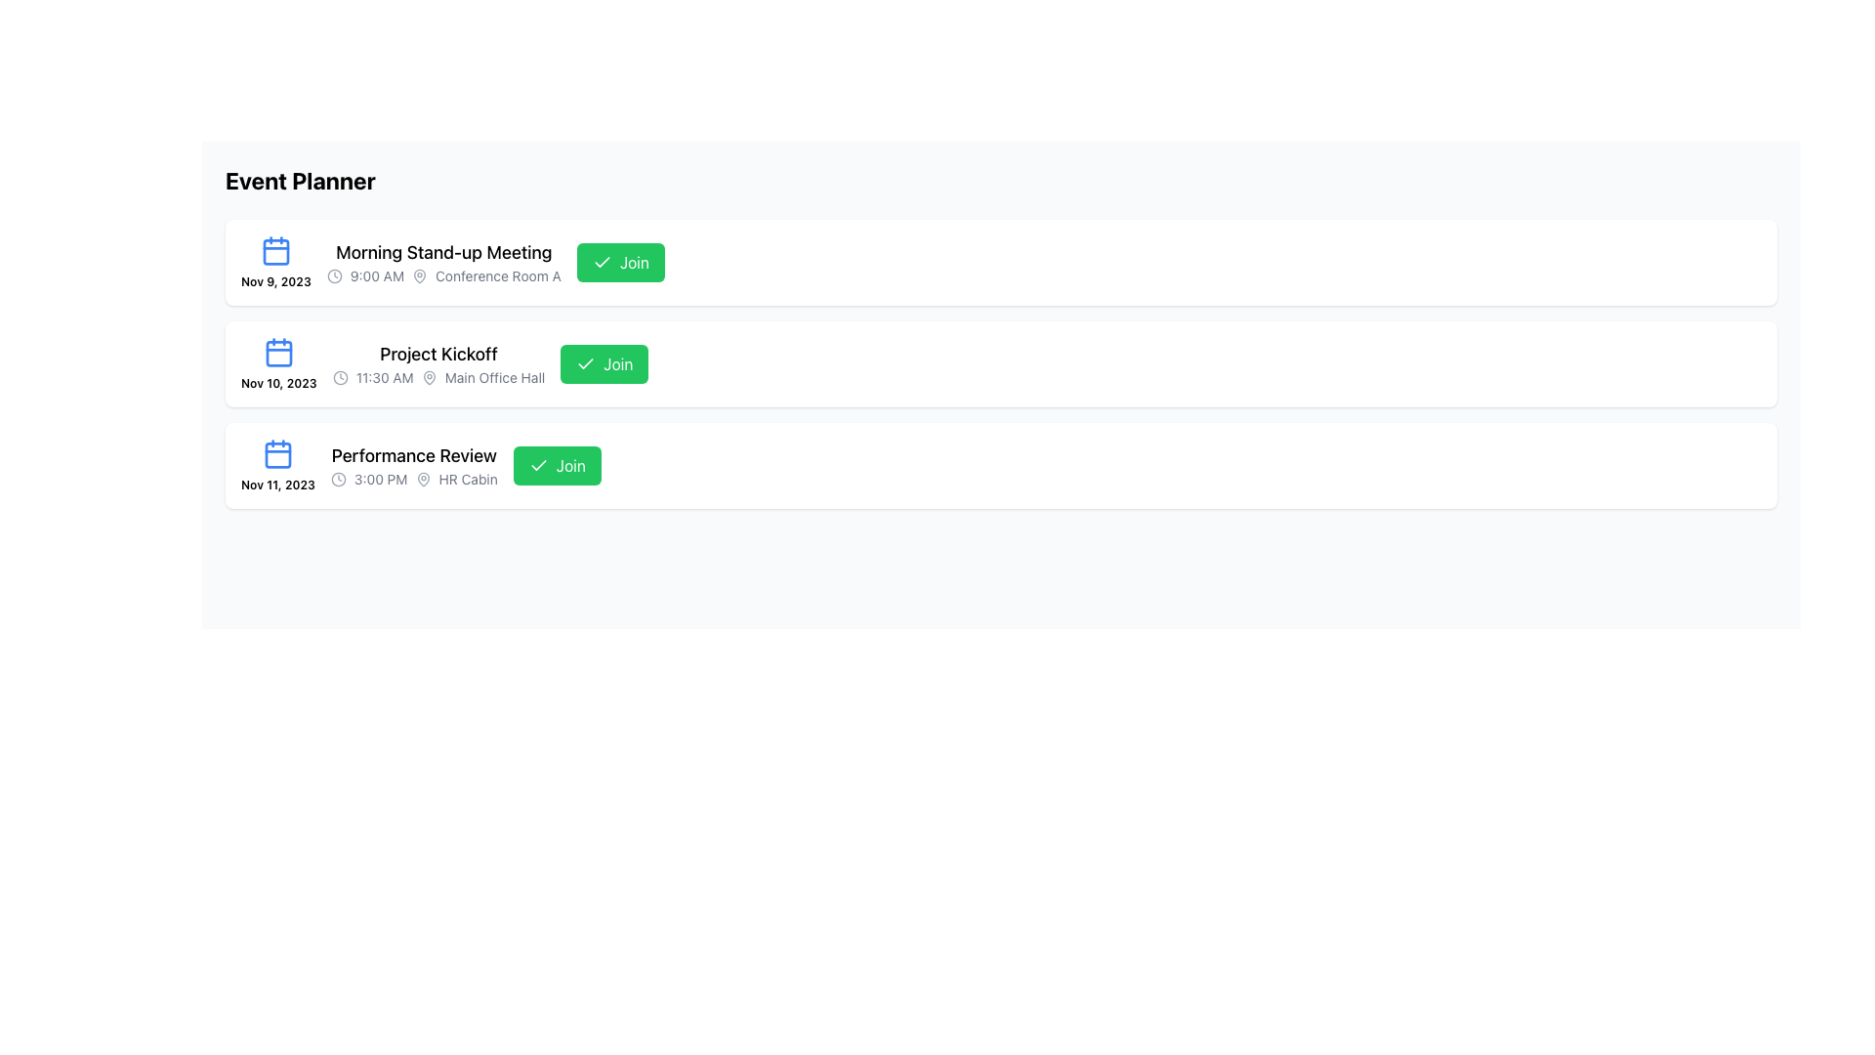 This screenshot has height=1055, width=1875. Describe the element at coordinates (274, 262) in the screenshot. I see `the date-display widget representing the date November 9, 2023, for the 'Morning Stand-up Meeting' to trigger any associated actions if supported by application logic` at that location.